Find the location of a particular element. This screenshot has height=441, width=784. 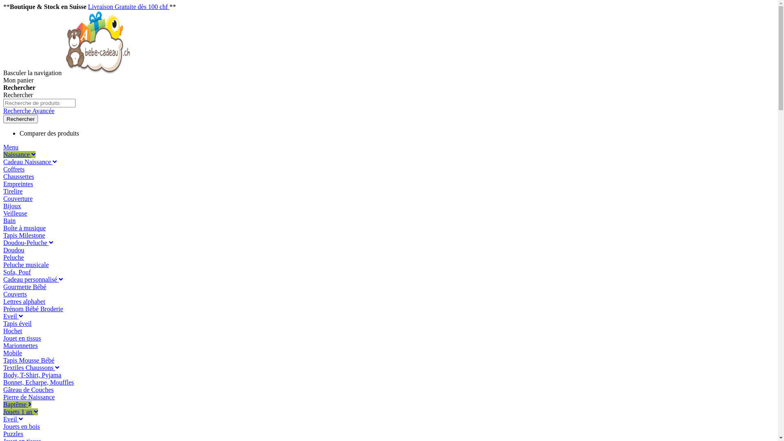

'Sofa, Pouf' is located at coordinates (17, 272).